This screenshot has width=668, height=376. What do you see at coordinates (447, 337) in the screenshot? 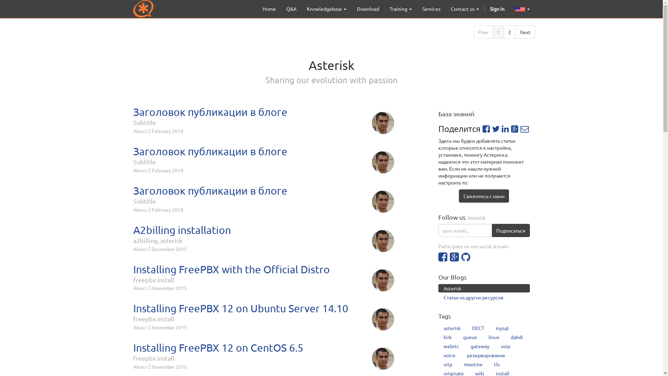
I see `'kirk'` at bounding box center [447, 337].